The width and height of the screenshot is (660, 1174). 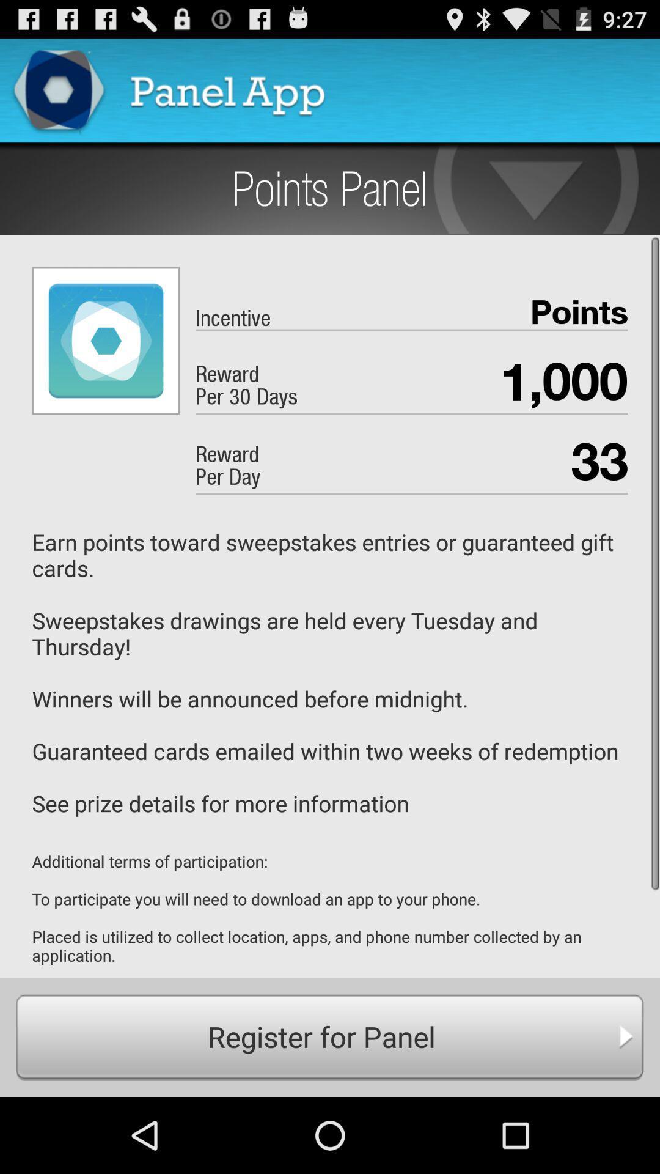 I want to click on the register for panel, so click(x=330, y=1036).